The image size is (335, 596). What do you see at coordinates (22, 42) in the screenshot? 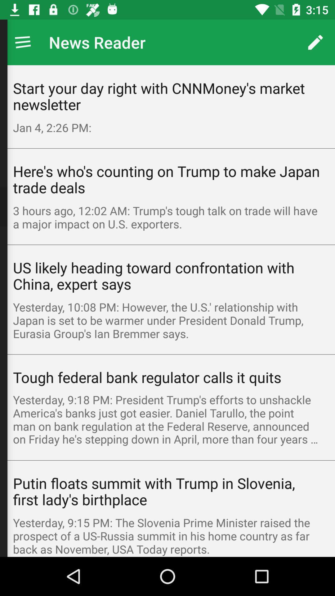
I see `app next to news reader icon` at bounding box center [22, 42].